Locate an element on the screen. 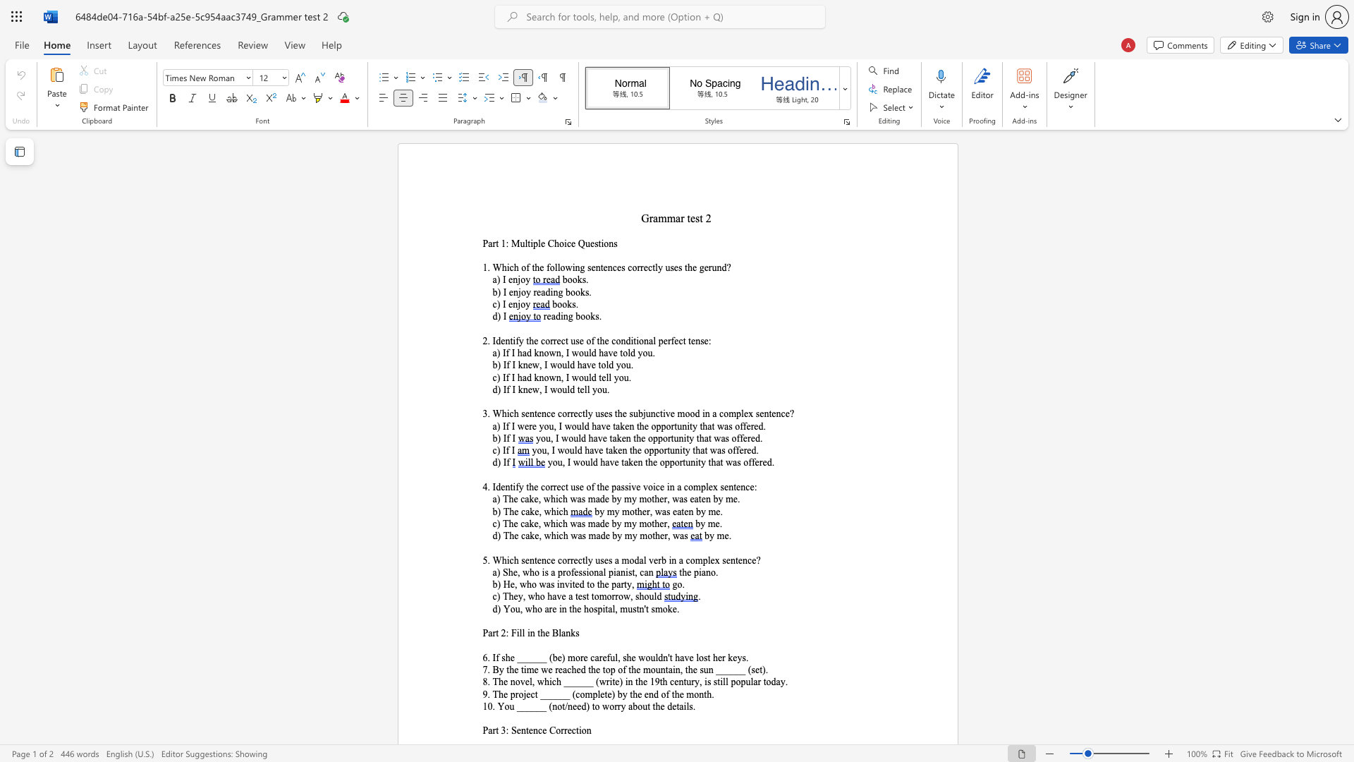 This screenshot has width=1354, height=762. the subset text "g books." within the text "b) I enjoy reading books." is located at coordinates (557, 291).